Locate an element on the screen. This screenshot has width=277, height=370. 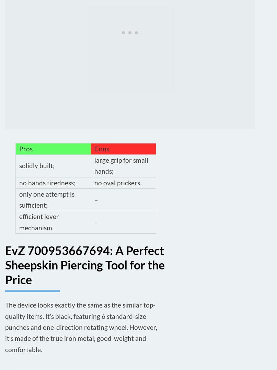
'large grip for small hands;' is located at coordinates (121, 165).